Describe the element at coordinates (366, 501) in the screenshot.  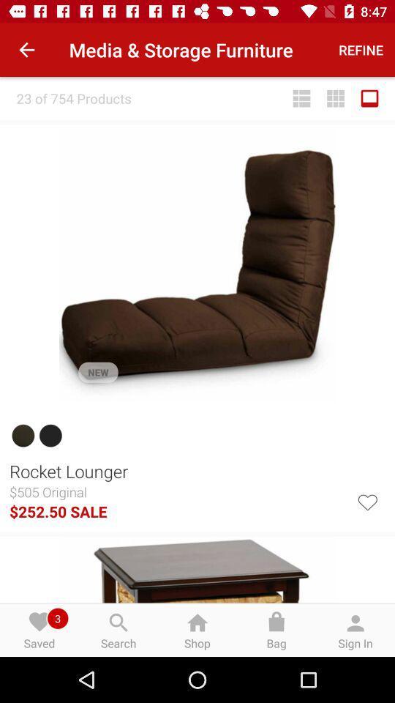
I see `like click` at that location.